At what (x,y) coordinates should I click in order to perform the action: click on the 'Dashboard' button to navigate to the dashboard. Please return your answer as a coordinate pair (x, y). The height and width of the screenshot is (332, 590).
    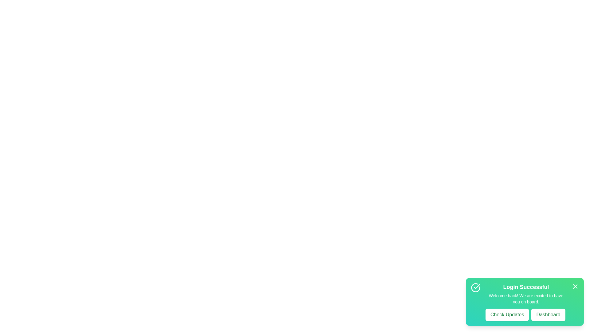
    Looking at the image, I should click on (548, 314).